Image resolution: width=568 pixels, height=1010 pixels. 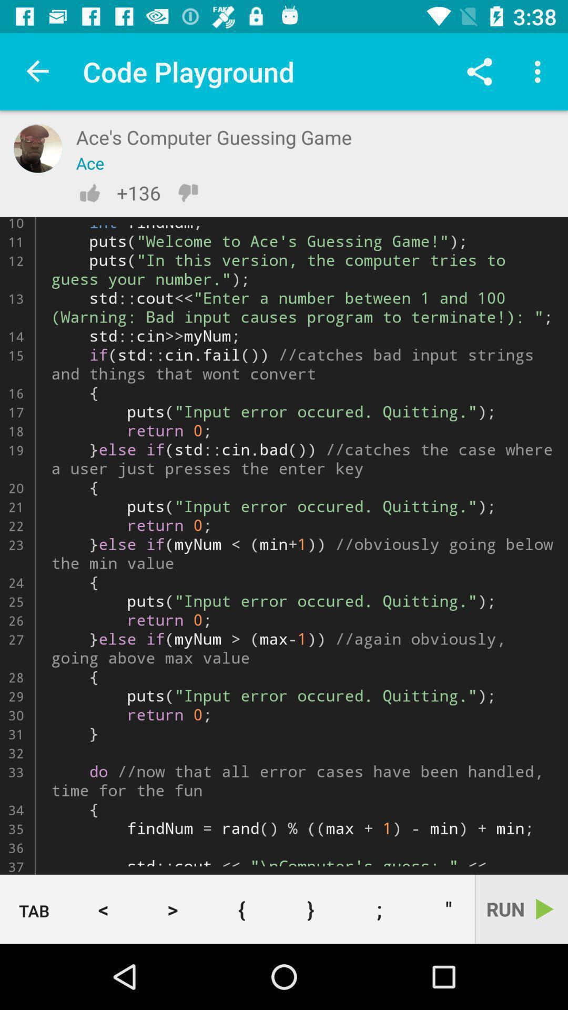 What do you see at coordinates (187, 193) in the screenshot?
I see `the thumbs_down icon` at bounding box center [187, 193].